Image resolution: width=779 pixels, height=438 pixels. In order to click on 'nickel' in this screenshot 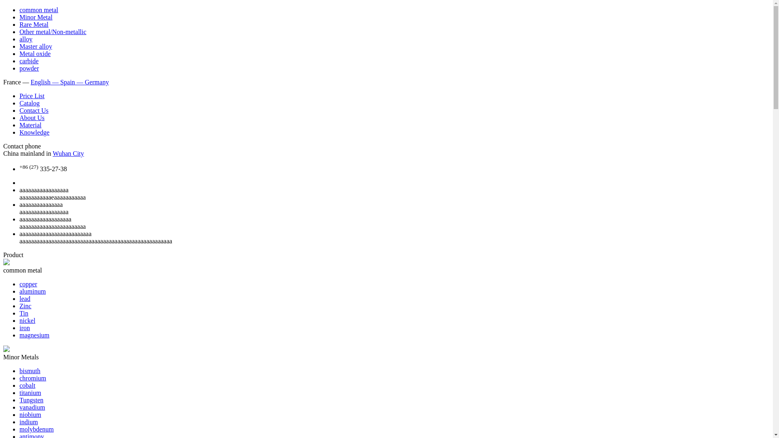, I will do `click(27, 320)`.